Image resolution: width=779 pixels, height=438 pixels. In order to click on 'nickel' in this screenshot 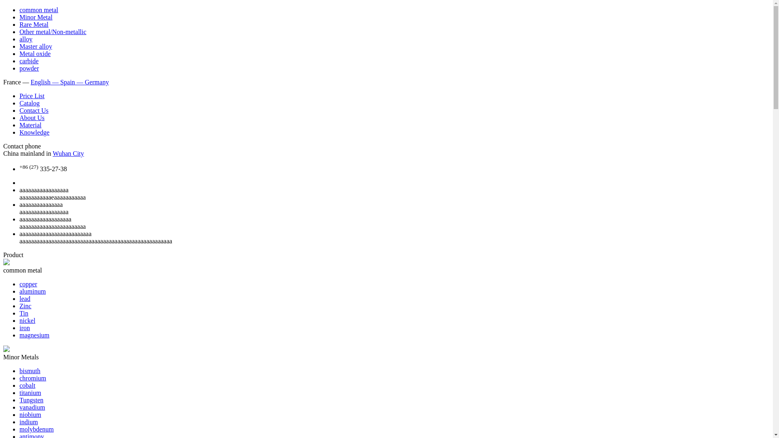, I will do `click(27, 320)`.